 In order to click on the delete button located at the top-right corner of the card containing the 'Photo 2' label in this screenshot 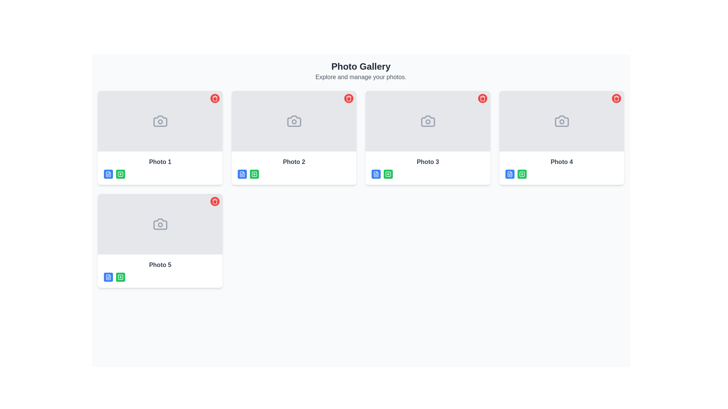, I will do `click(348, 98)`.